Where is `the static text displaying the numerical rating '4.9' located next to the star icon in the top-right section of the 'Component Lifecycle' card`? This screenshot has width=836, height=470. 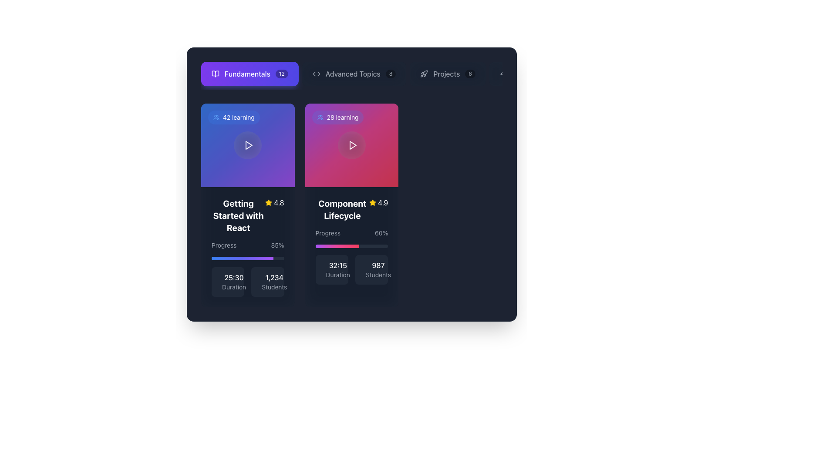 the static text displaying the numerical rating '4.9' located next to the star icon in the top-right section of the 'Component Lifecycle' card is located at coordinates (383, 203).